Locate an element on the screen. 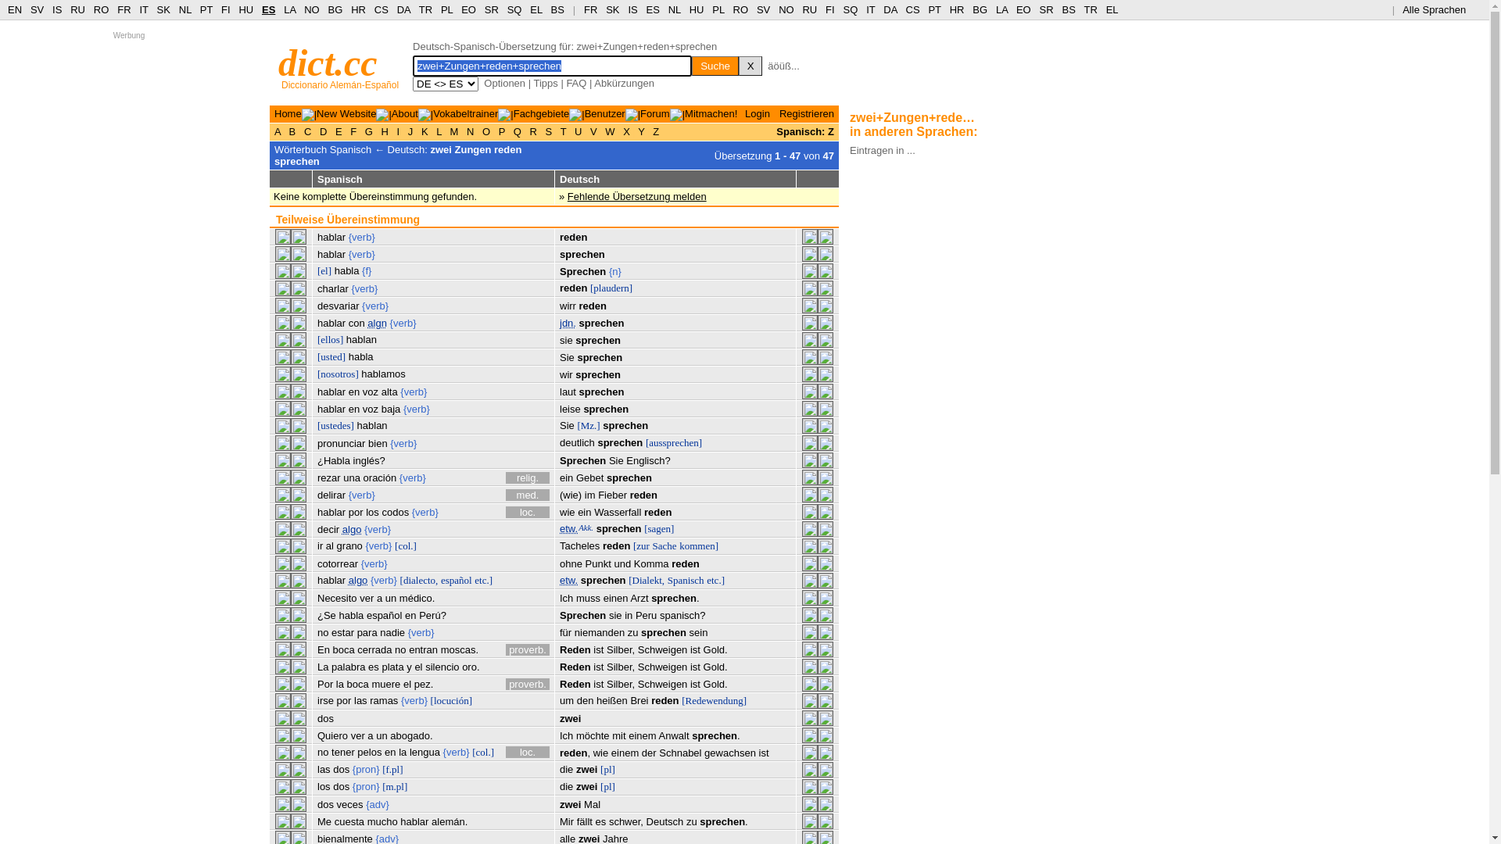  'schwer,' is located at coordinates (626, 821).